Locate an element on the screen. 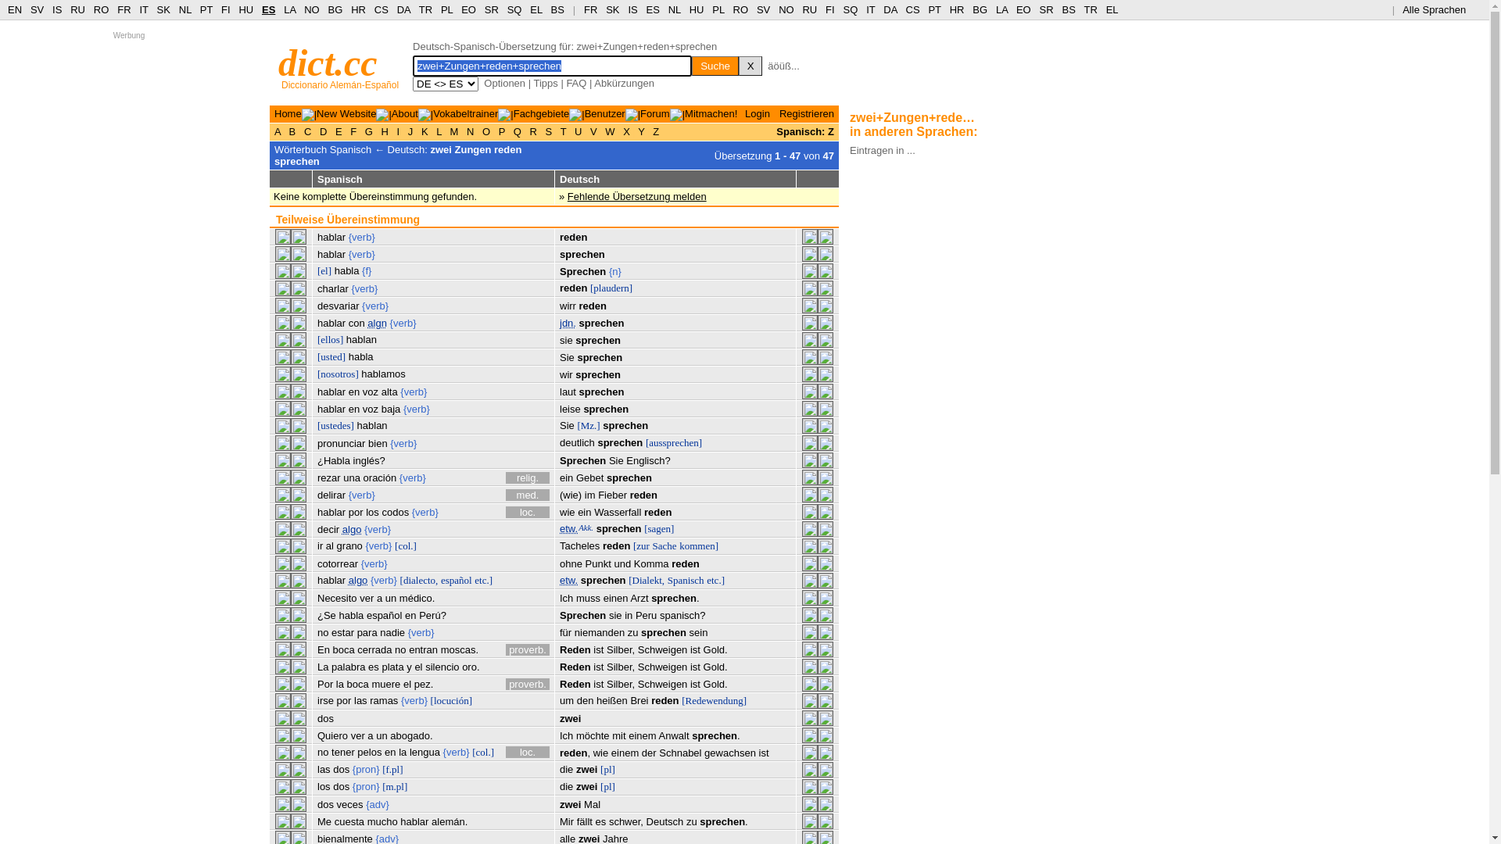  'schwer,' is located at coordinates (626, 821).